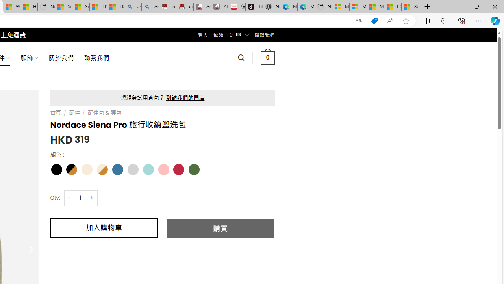 The width and height of the screenshot is (504, 284). What do you see at coordinates (267, 57) in the screenshot?
I see `'  0  '` at bounding box center [267, 57].